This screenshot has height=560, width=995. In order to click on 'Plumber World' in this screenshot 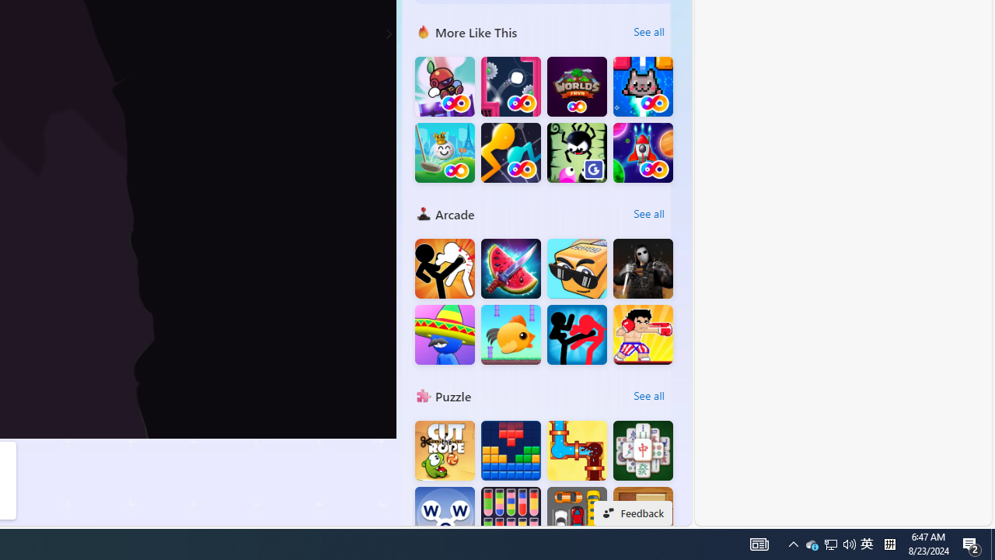, I will do `click(576, 450)`.